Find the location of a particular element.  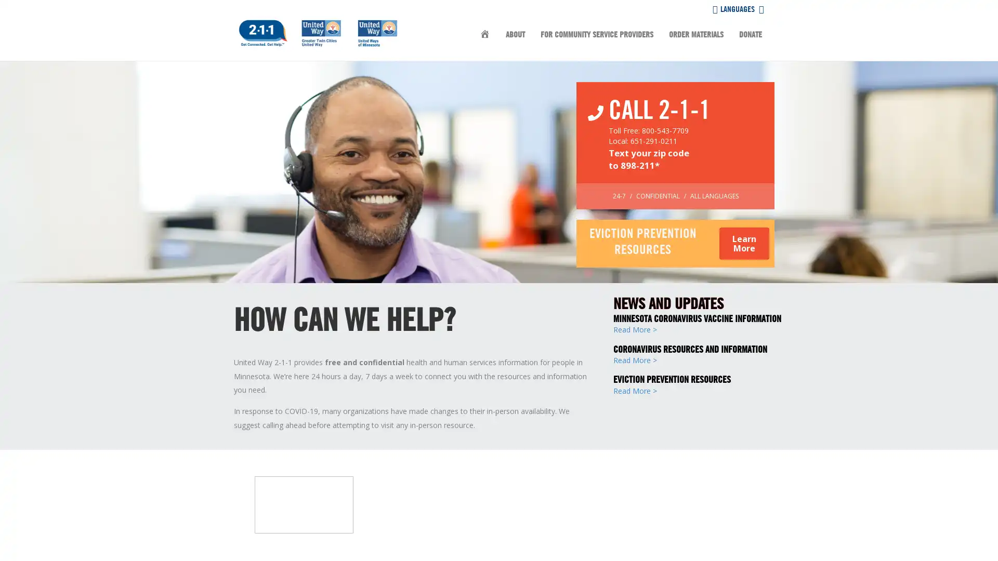

Learn More is located at coordinates (743, 244).